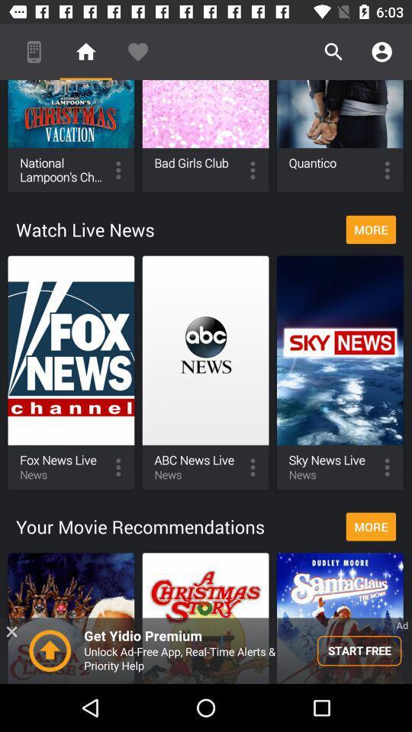 Image resolution: width=412 pixels, height=732 pixels. Describe the element at coordinates (86, 52) in the screenshot. I see `home icon` at that location.